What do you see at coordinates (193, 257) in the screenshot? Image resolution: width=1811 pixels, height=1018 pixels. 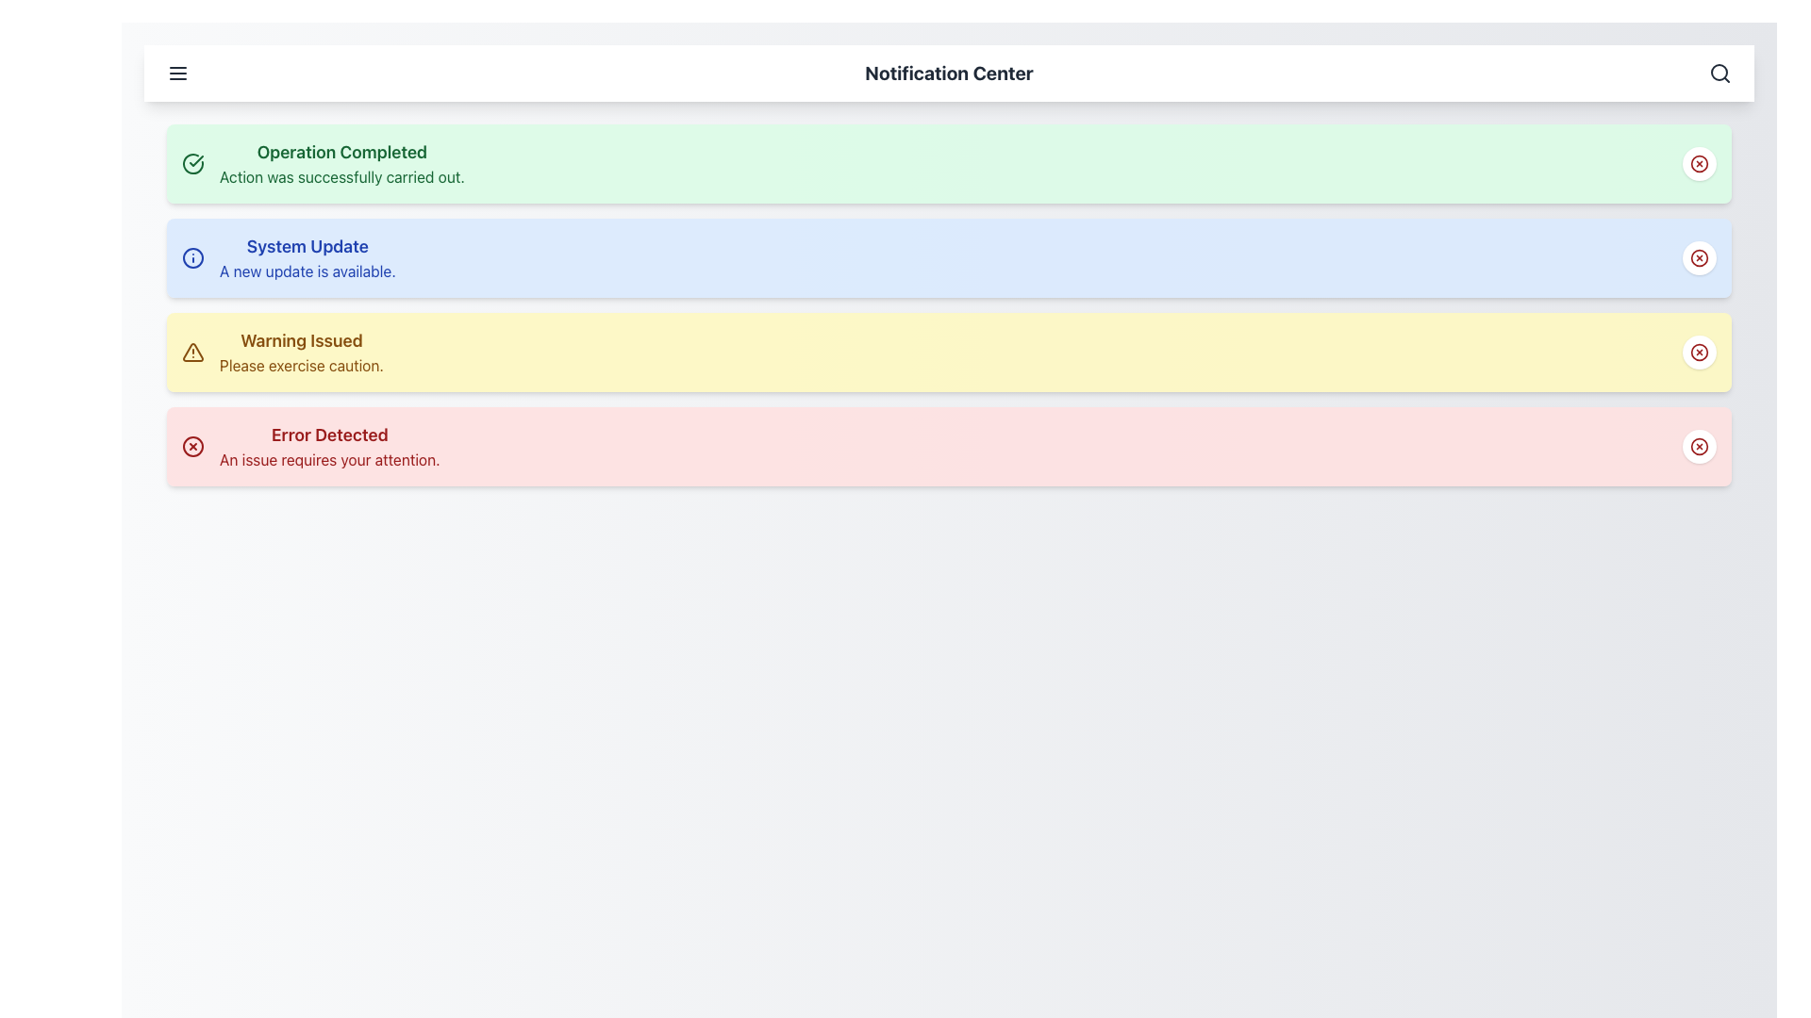 I see `the circular blue info icon with a white background containing an 'i' symbol, located to the left of the 'System Update' notification text` at bounding box center [193, 257].